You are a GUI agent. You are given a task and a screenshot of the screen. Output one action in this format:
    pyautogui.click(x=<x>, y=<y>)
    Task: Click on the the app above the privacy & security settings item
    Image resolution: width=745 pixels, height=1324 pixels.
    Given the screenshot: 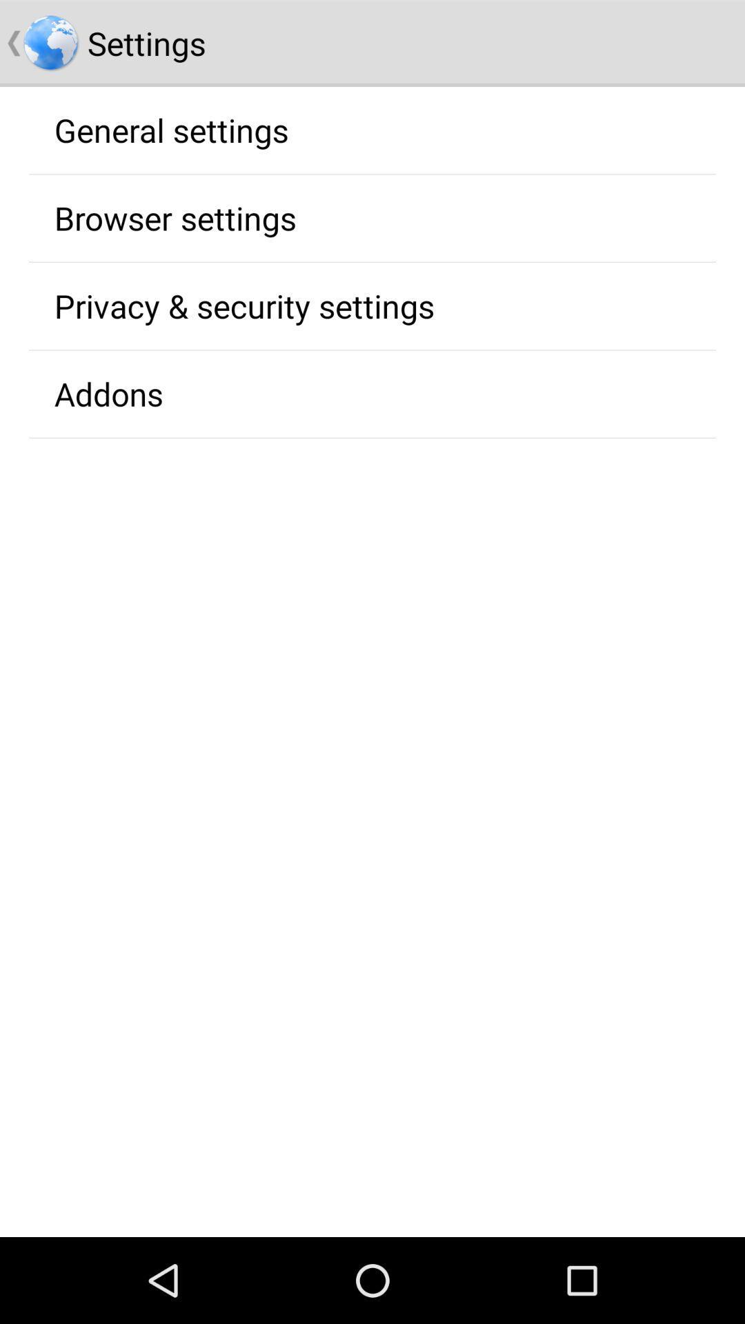 What is the action you would take?
    pyautogui.click(x=175, y=217)
    